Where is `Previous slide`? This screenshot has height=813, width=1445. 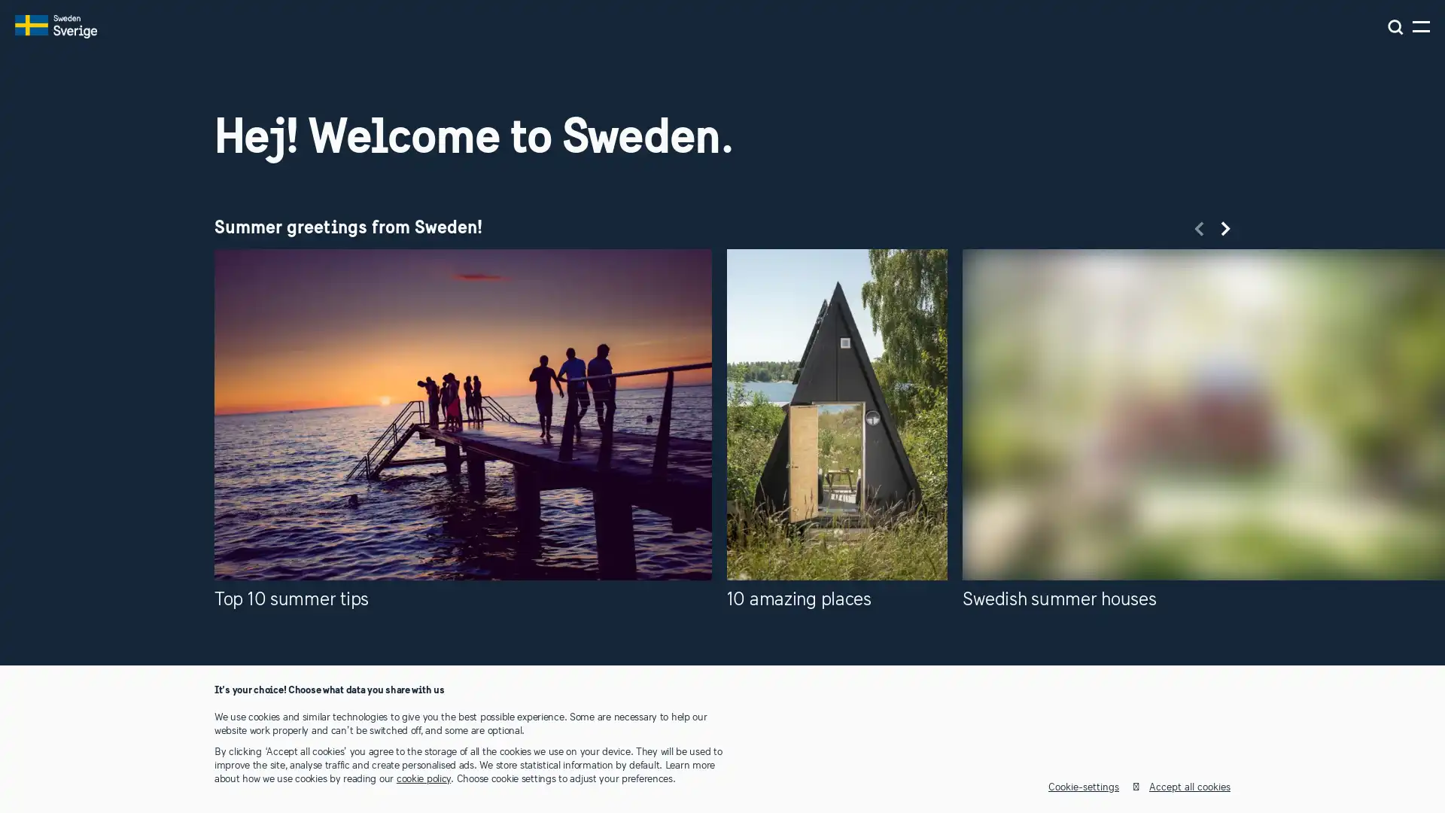
Previous slide is located at coordinates (1198, 673).